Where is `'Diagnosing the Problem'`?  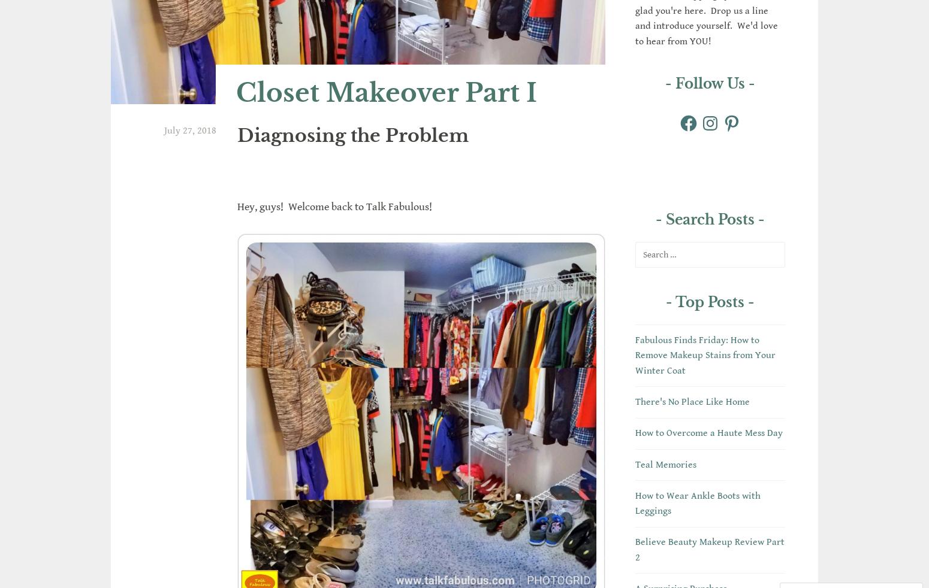
'Diagnosing the Problem' is located at coordinates (353, 134).